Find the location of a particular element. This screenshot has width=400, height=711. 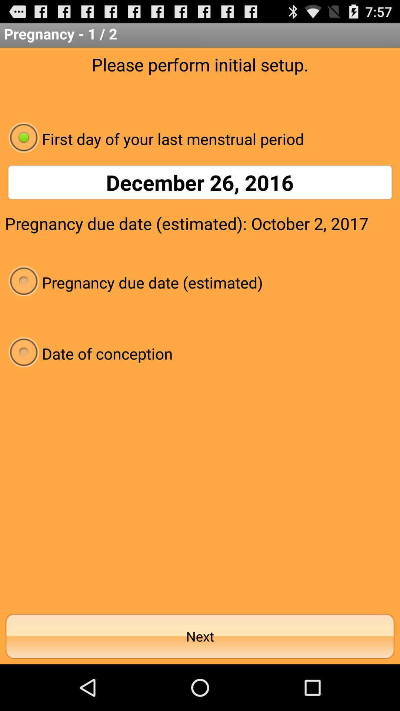

the icon above the next button is located at coordinates (200, 353).